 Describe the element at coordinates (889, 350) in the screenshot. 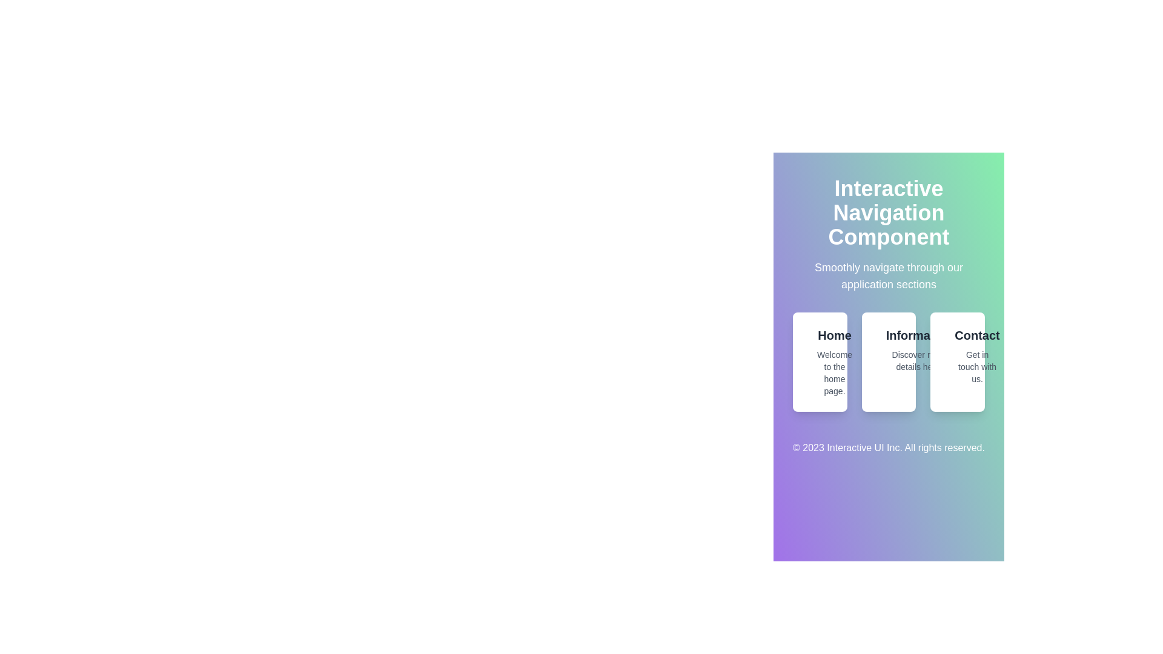

I see `displayed text in the 'Information' text and icon block, which is the middle card in the Interactive Navigation Component` at that location.